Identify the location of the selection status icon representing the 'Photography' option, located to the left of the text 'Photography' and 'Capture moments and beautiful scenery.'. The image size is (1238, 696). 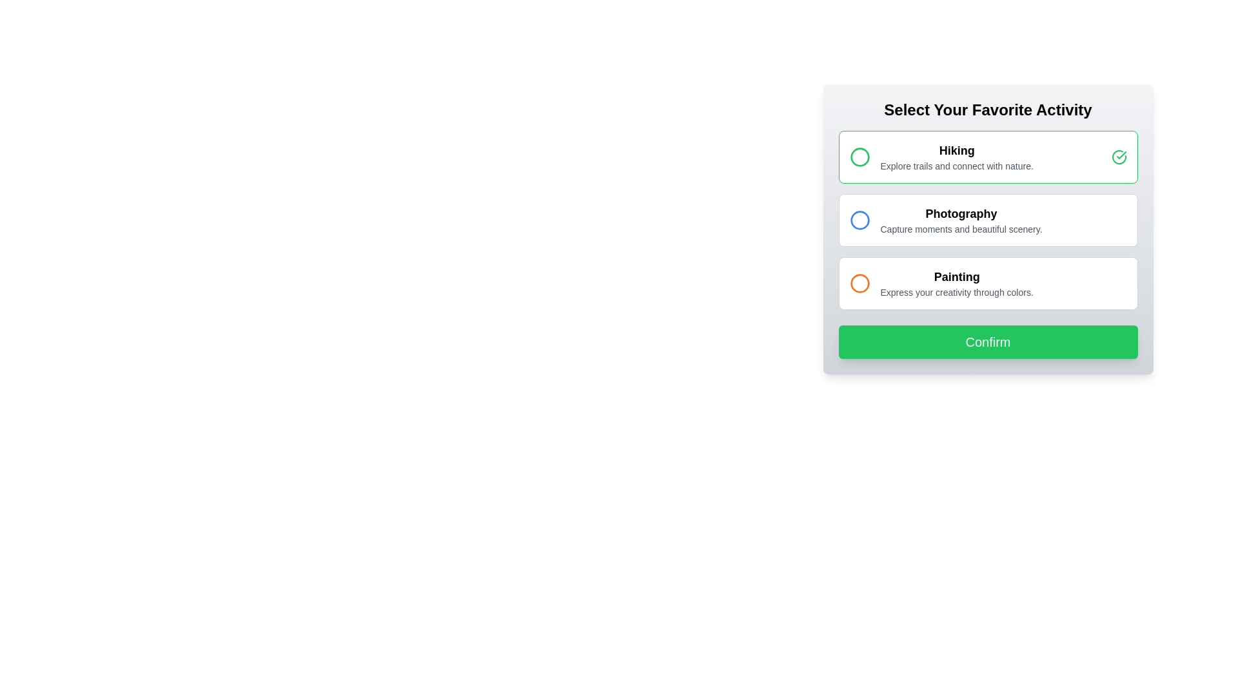
(860, 220).